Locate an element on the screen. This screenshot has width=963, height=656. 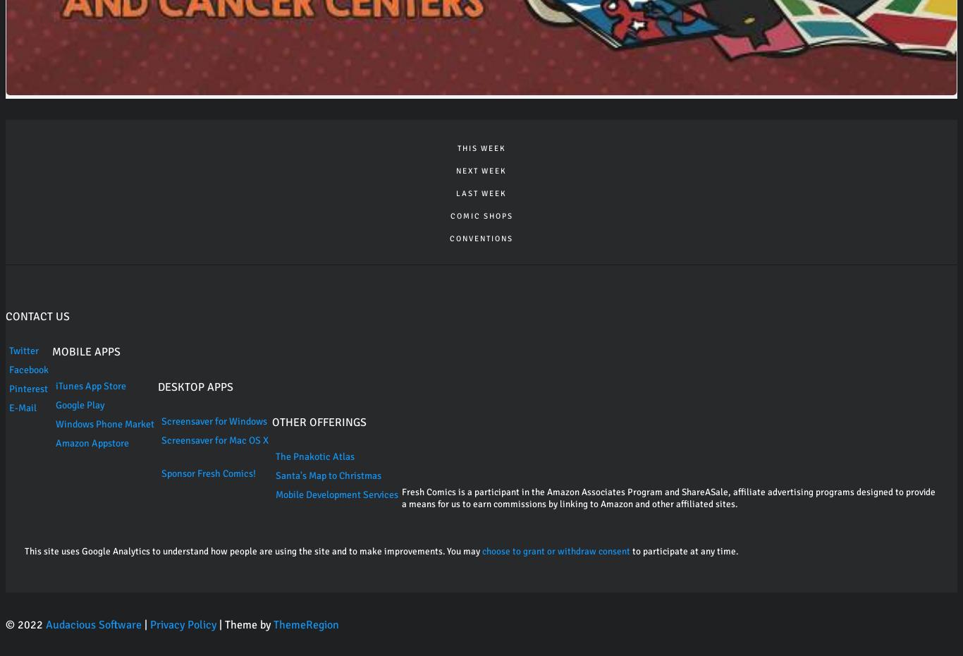
'Contact Us' is located at coordinates (37, 315).